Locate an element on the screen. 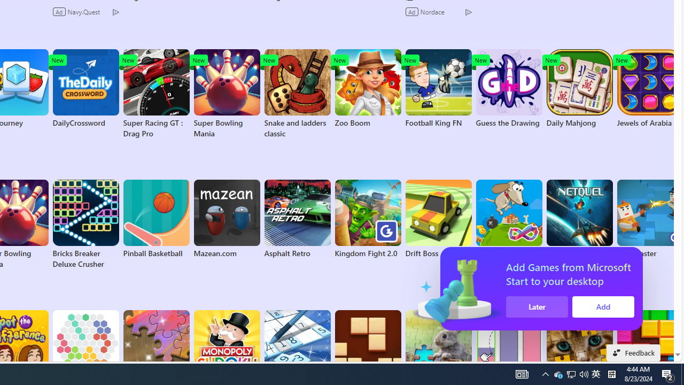  'Super Racing GT : Drag Pro' is located at coordinates (156, 94).